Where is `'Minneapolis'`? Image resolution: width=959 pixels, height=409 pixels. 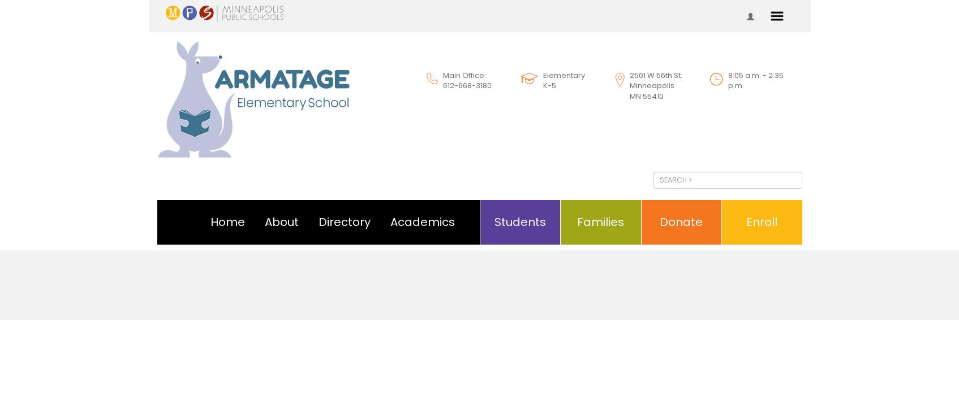
'Minneapolis' is located at coordinates (651, 85).